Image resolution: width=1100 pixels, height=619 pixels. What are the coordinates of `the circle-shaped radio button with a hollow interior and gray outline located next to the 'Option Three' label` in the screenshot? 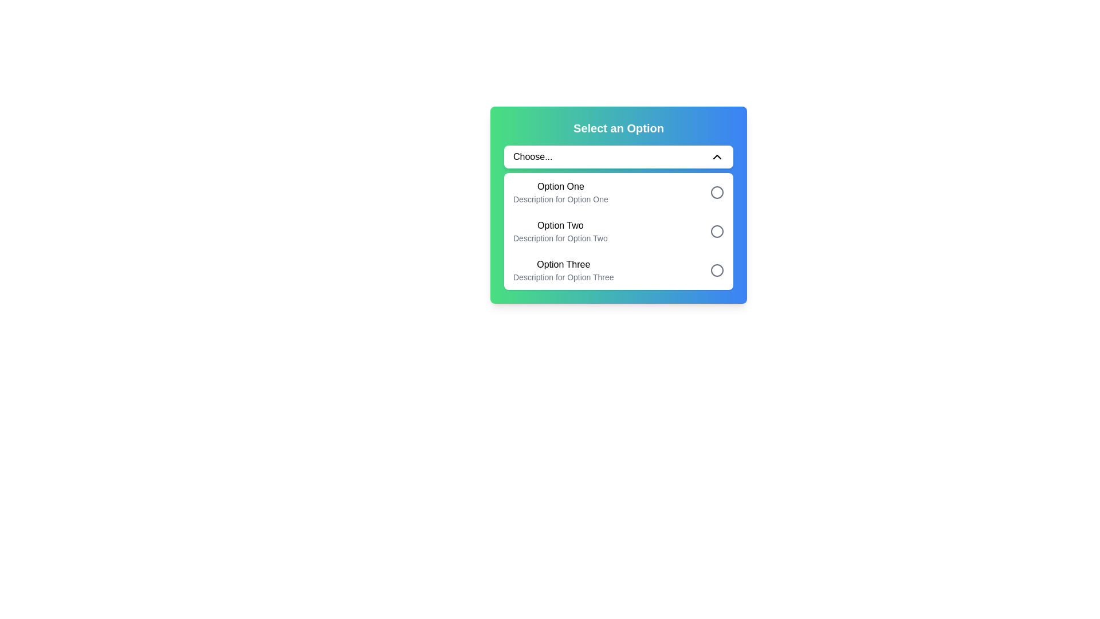 It's located at (717, 270).